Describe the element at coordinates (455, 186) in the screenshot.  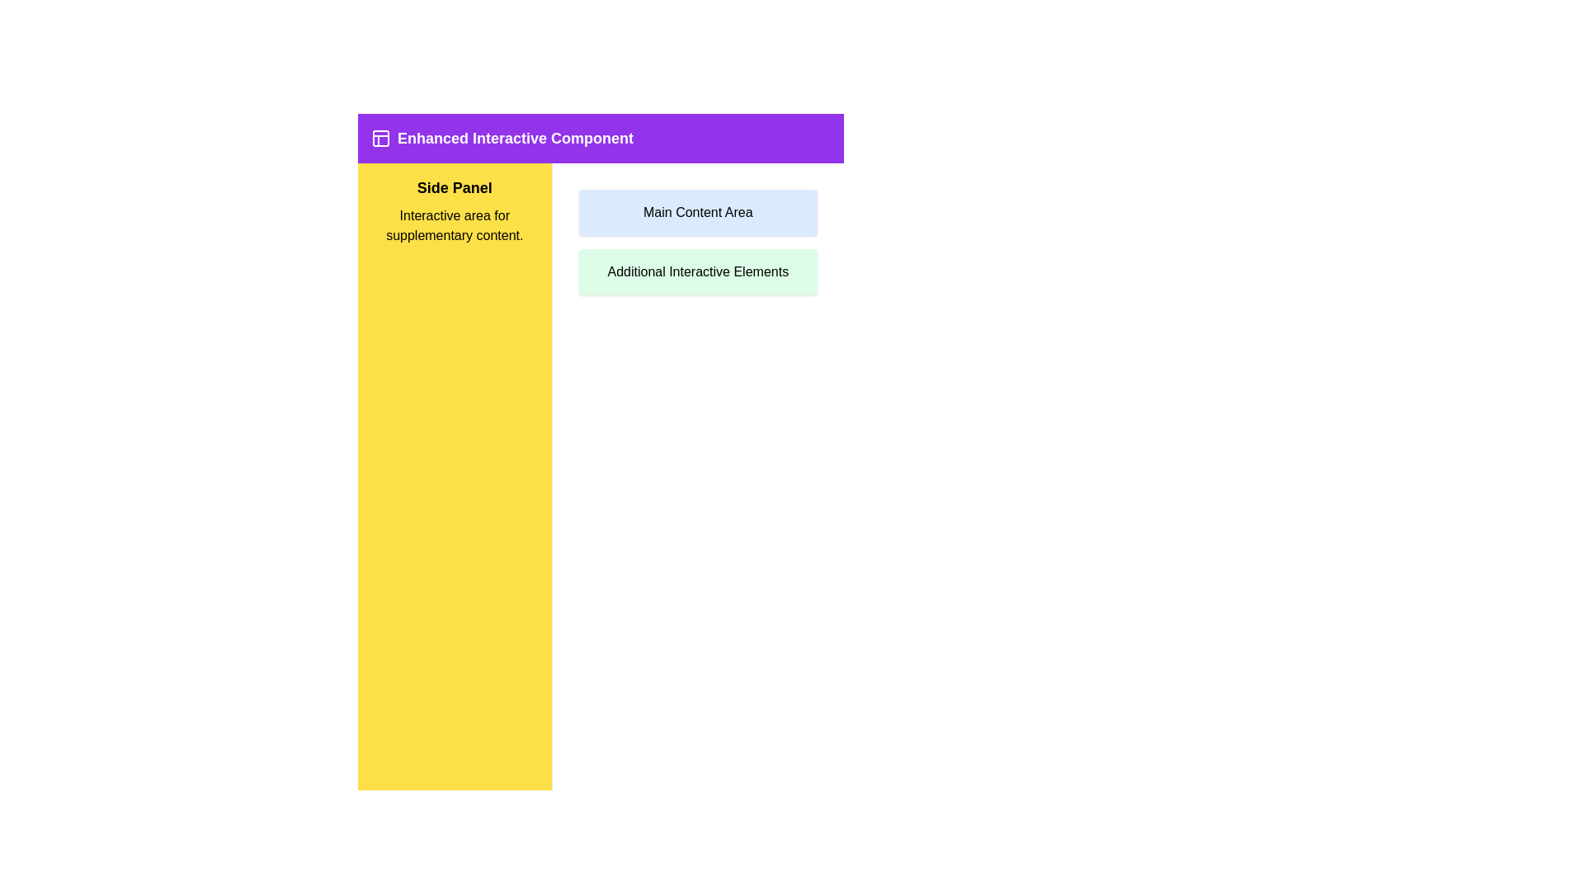
I see `the label element located at the top of the yellow side panel on the left side of the interface` at that location.